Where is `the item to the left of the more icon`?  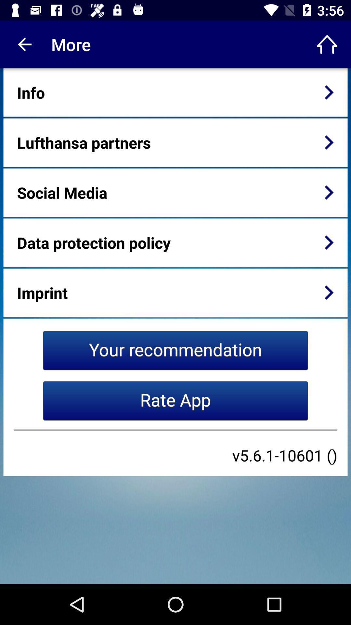 the item to the left of the more icon is located at coordinates (23, 44).